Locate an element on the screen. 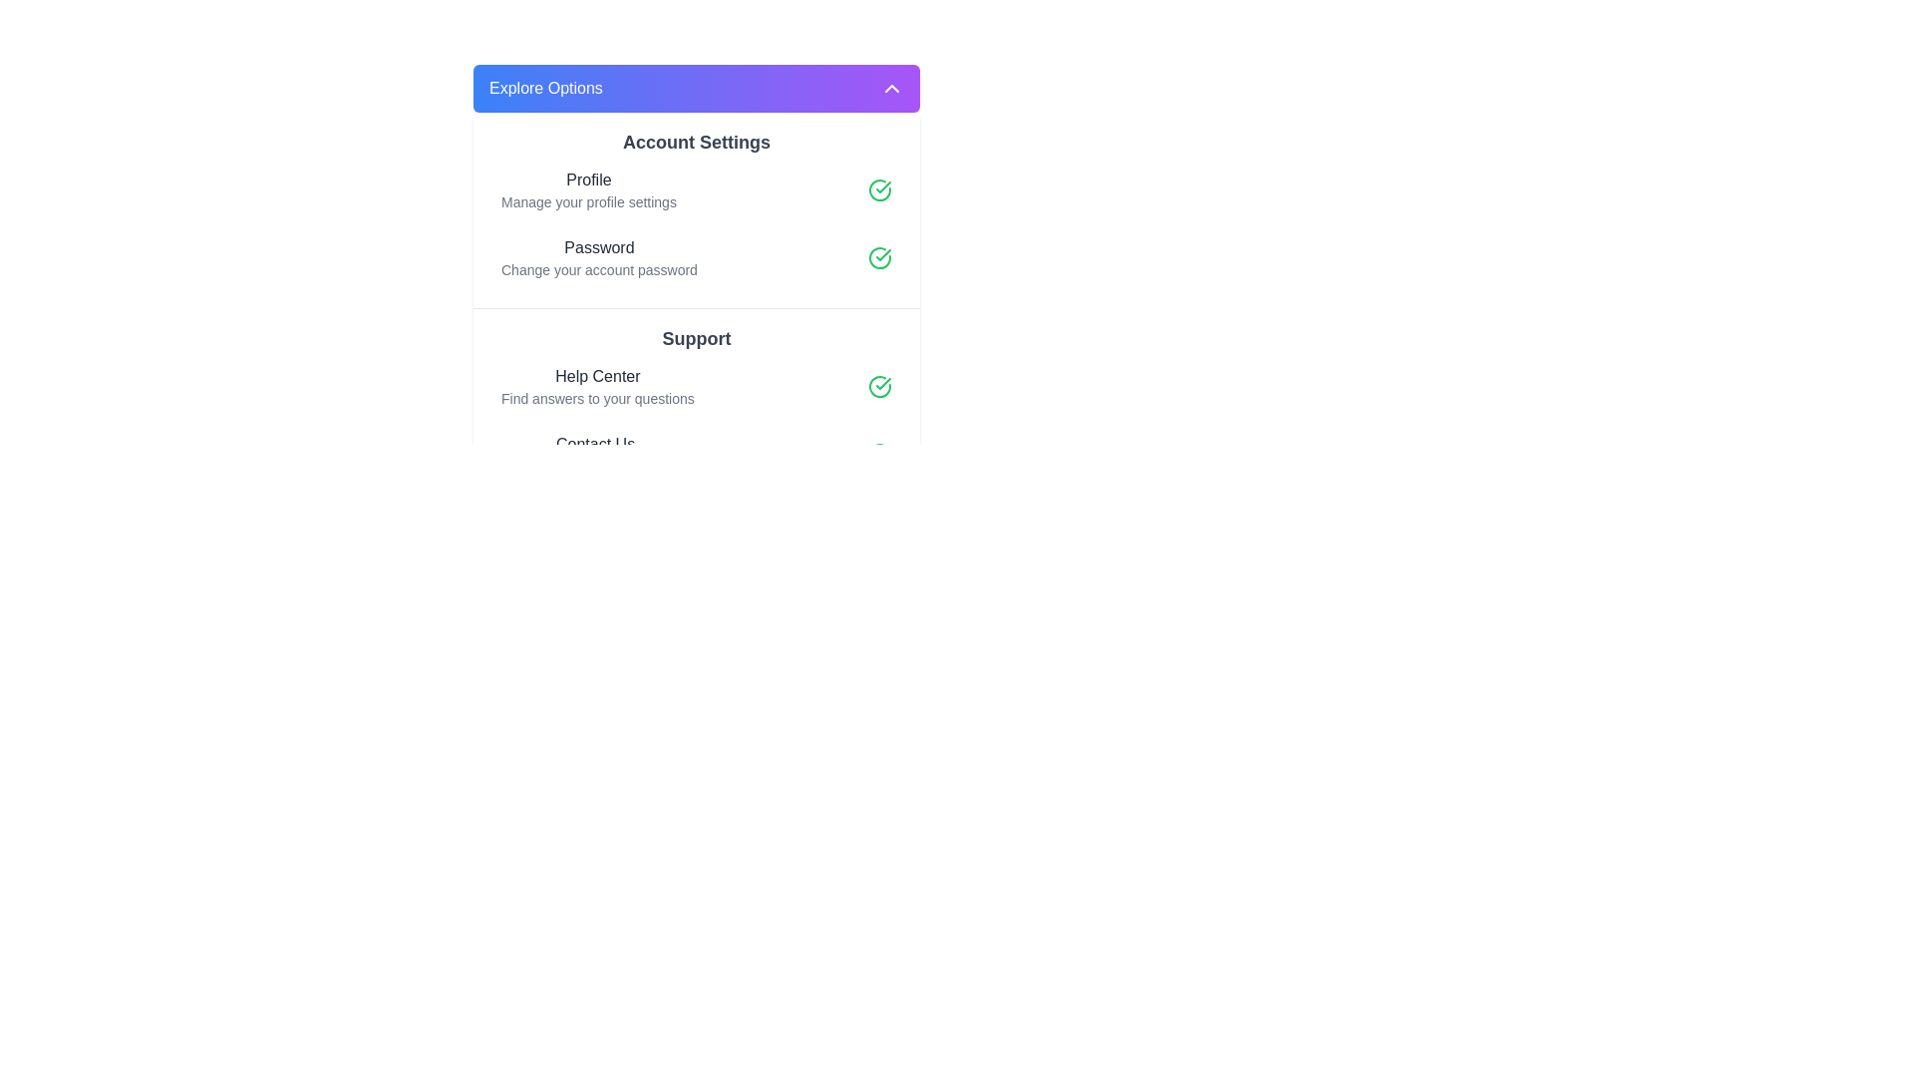 The width and height of the screenshot is (1914, 1077). the text label reading 'Manage your profile settings', which is styled in a smaller gray font and positioned directly beneath the heading 'Profile' in the 'Account Settings' section is located at coordinates (587, 202).